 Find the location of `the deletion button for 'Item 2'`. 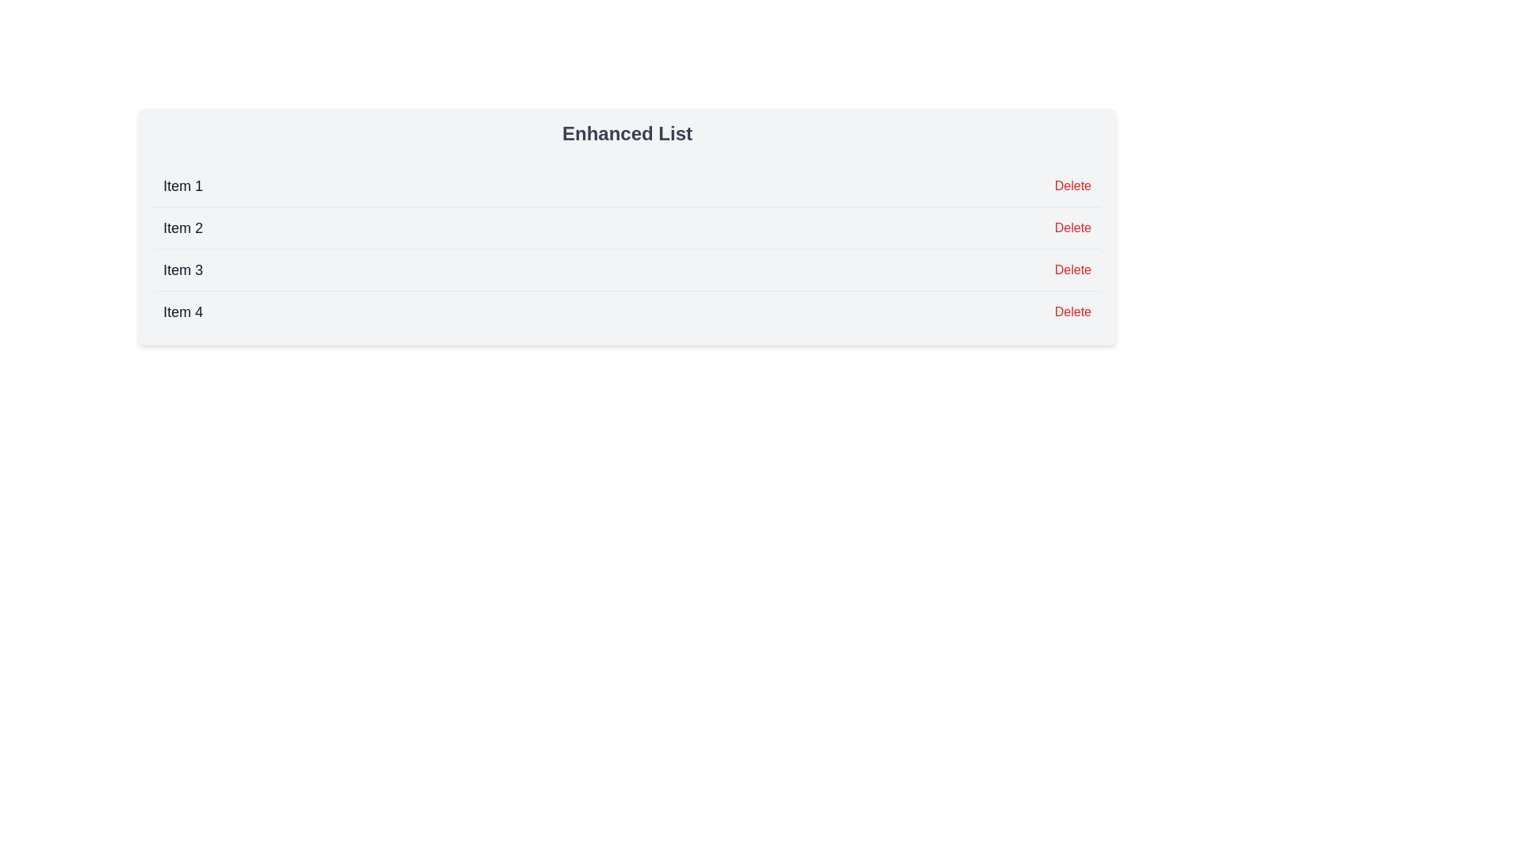

the deletion button for 'Item 2' is located at coordinates (1072, 228).